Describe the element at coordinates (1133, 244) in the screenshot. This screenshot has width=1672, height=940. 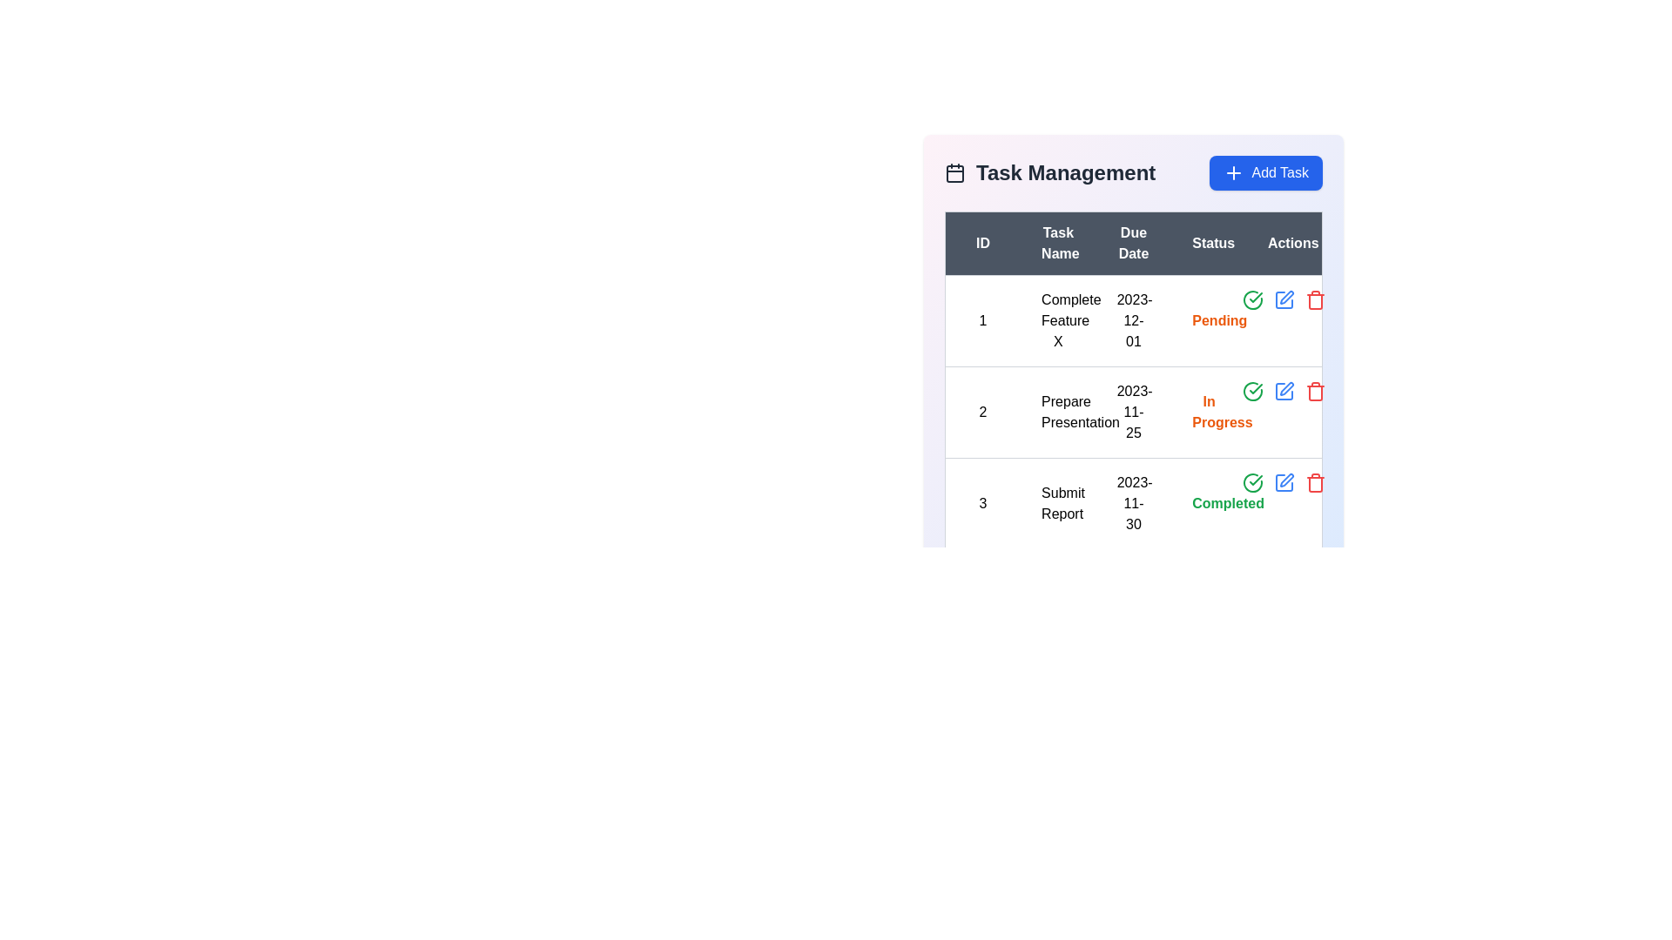
I see `the table header row that provides labels for the task management table, located above the task rows in the main content area` at that location.